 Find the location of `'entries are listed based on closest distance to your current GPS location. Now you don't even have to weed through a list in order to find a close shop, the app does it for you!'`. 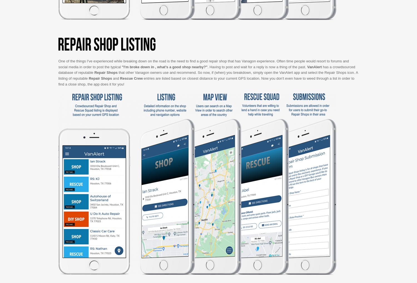

'entries are listed based on closest distance to your current GPS location. Now you don't even have to weed through a list in order to find a close shop, the app does it for you!' is located at coordinates (206, 81).